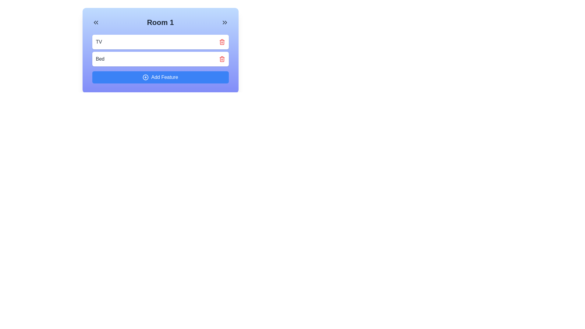  I want to click on the circular outline icon within the 'Add Feature' button, which has a vivid blue background and is located at the bottom of the card layout, so click(145, 77).